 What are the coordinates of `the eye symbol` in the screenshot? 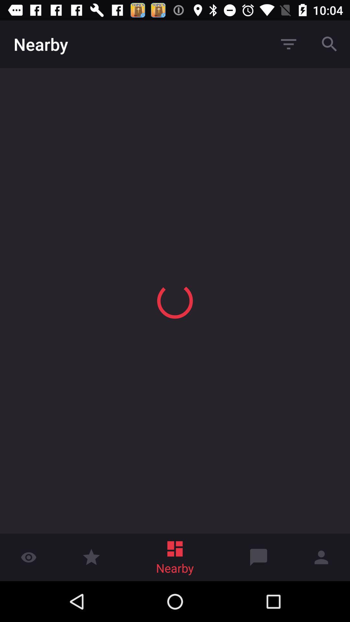 It's located at (28, 550).